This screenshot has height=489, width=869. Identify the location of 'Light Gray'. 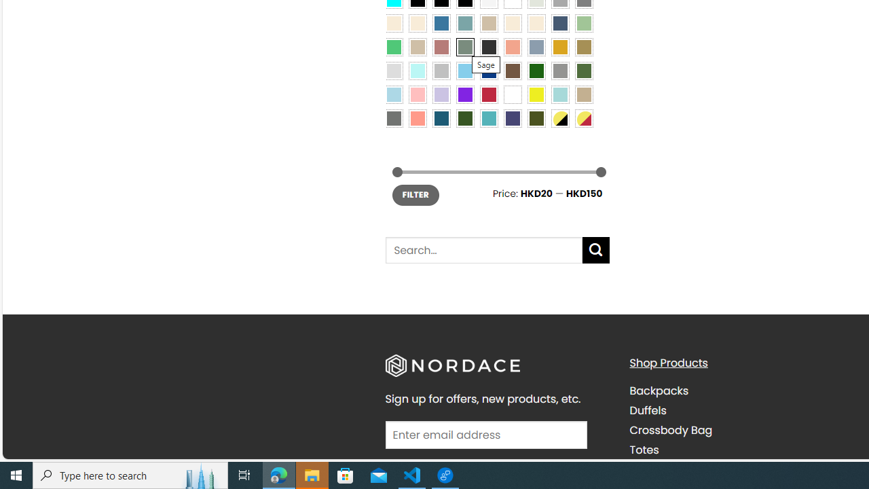
(392, 70).